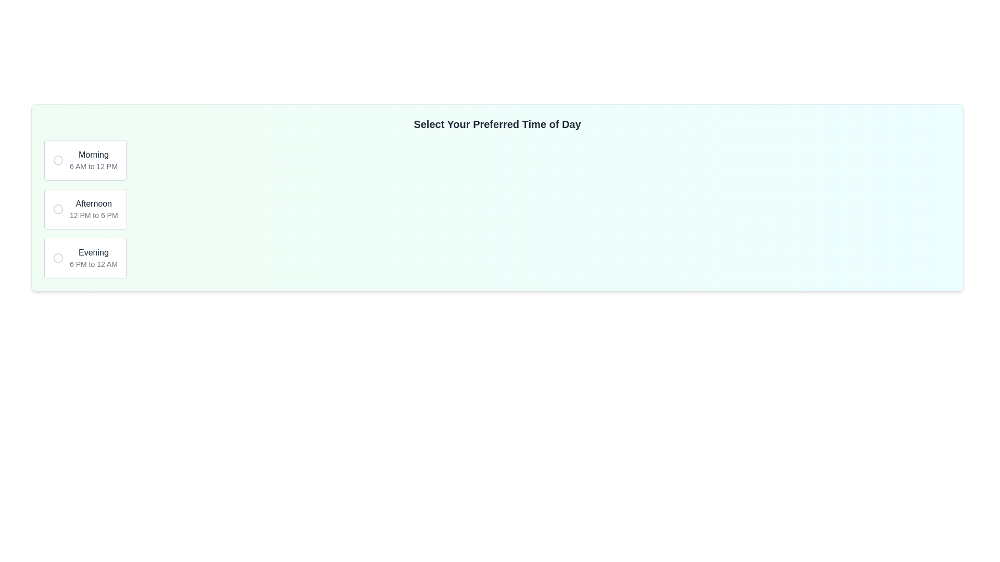  What do you see at coordinates (57, 209) in the screenshot?
I see `the circular radio button styled with a thin gray border and a white inner fill that corresponds to the 'Afternoon' time range` at bounding box center [57, 209].